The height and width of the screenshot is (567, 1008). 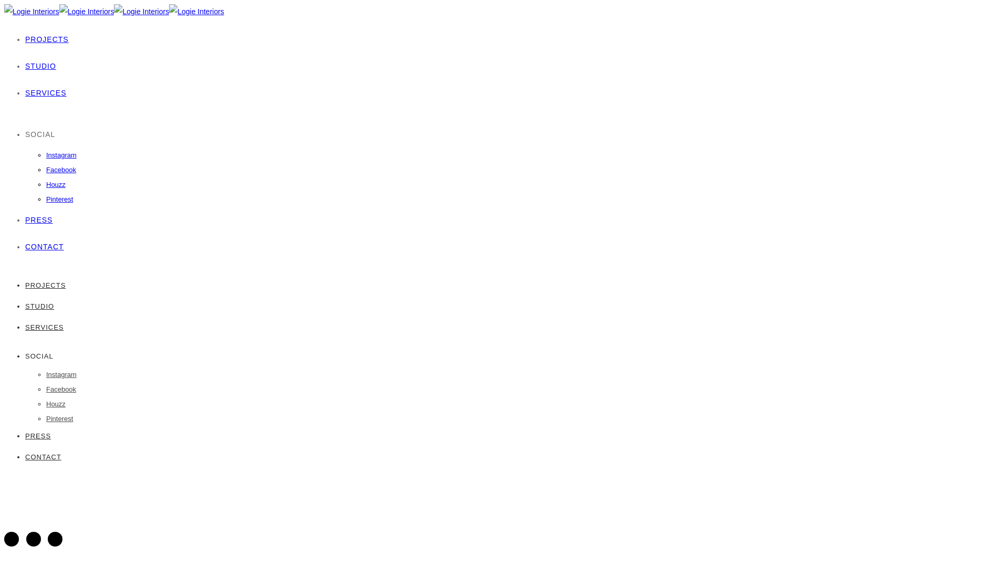 I want to click on 'PRESS', so click(x=25, y=436).